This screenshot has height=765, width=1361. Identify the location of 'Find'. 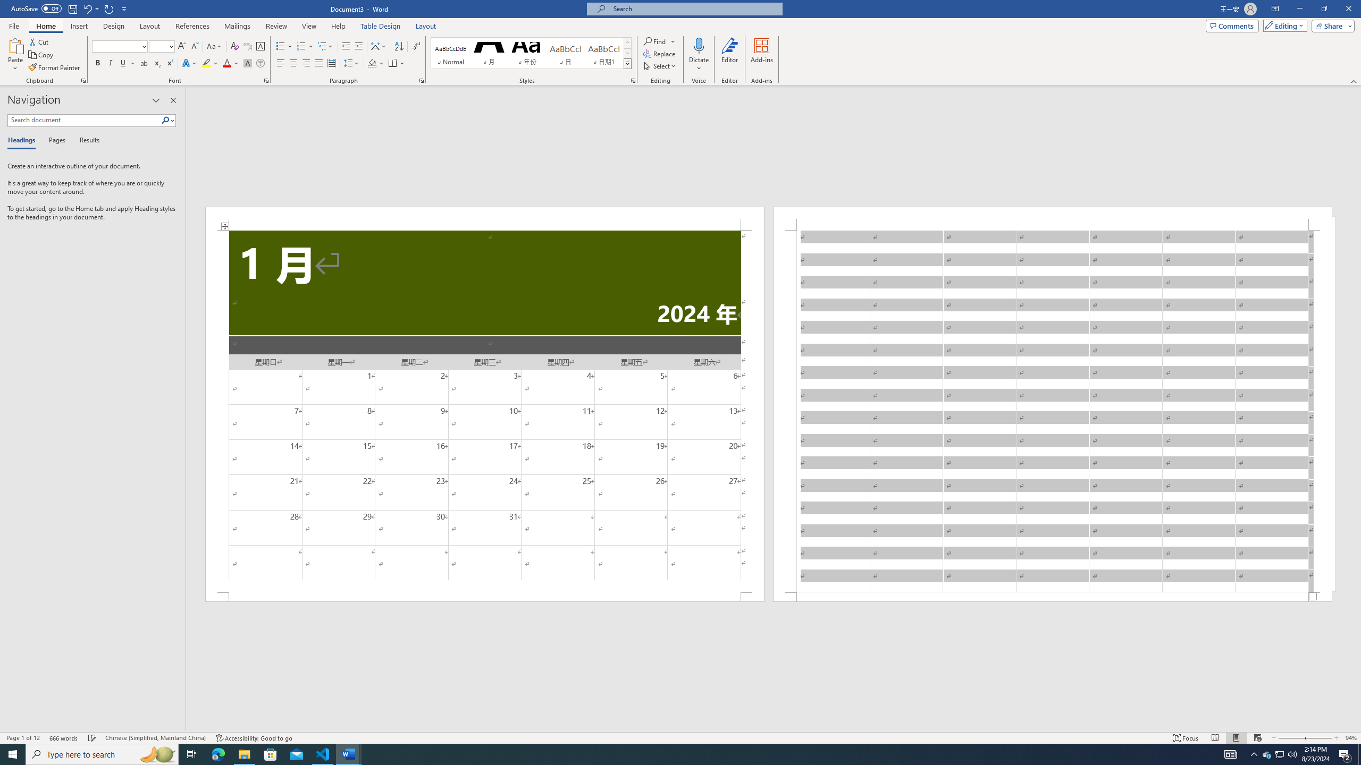
(654, 41).